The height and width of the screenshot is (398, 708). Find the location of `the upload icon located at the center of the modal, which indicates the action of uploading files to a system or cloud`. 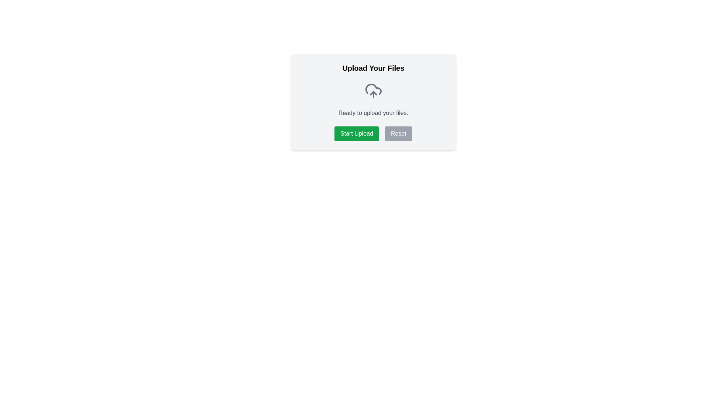

the upload icon located at the center of the modal, which indicates the action of uploading files to a system or cloud is located at coordinates (373, 90).